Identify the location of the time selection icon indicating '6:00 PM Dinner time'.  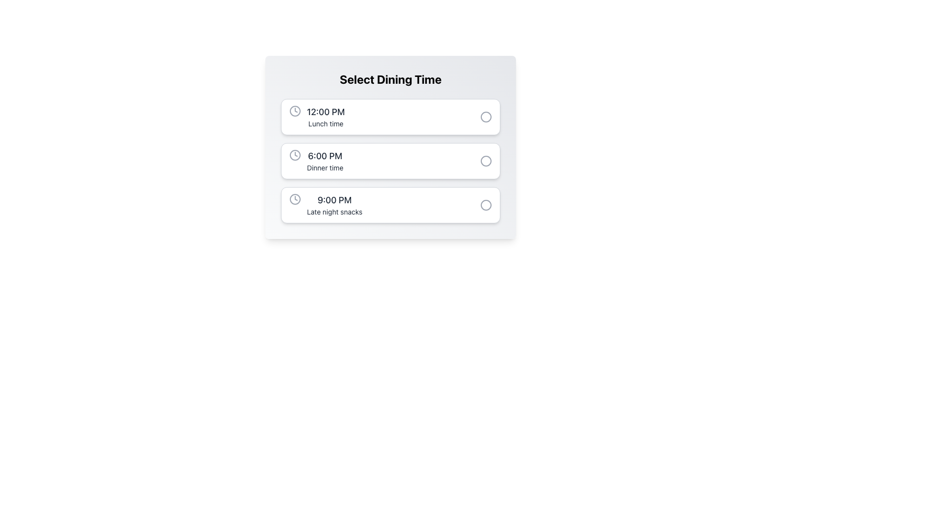
(295, 154).